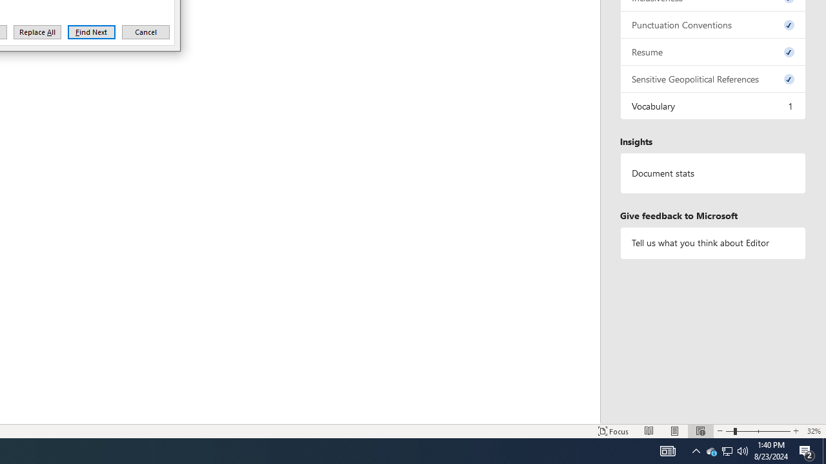 This screenshot has width=826, height=464. I want to click on 'Tell us what you think about Editor', so click(712, 243).